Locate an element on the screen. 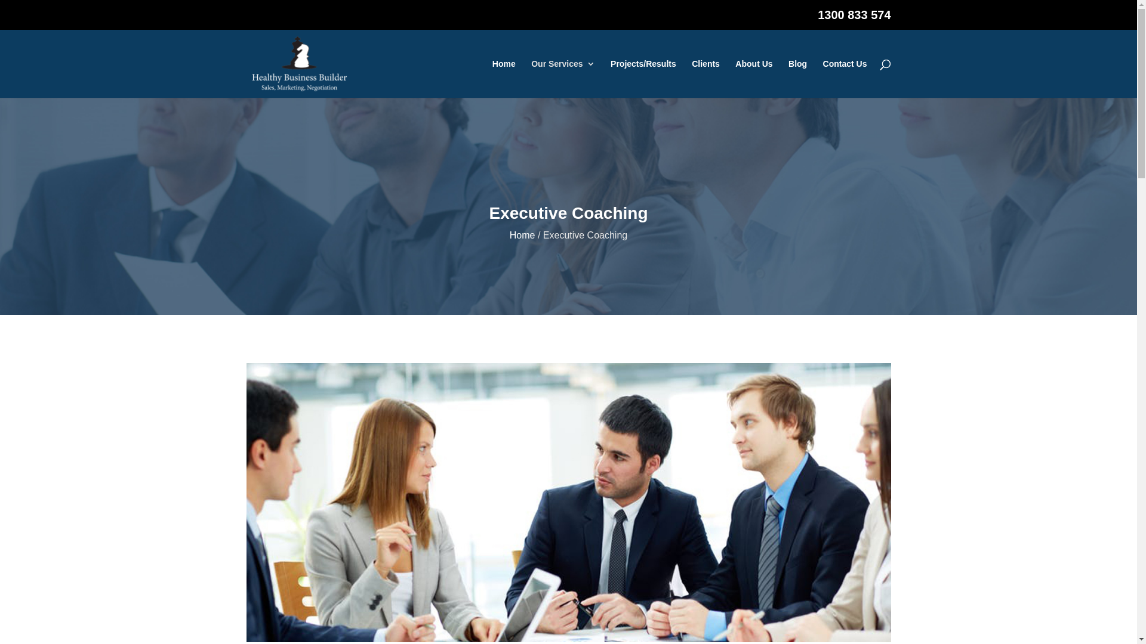  'Contact Us' is located at coordinates (845, 78).